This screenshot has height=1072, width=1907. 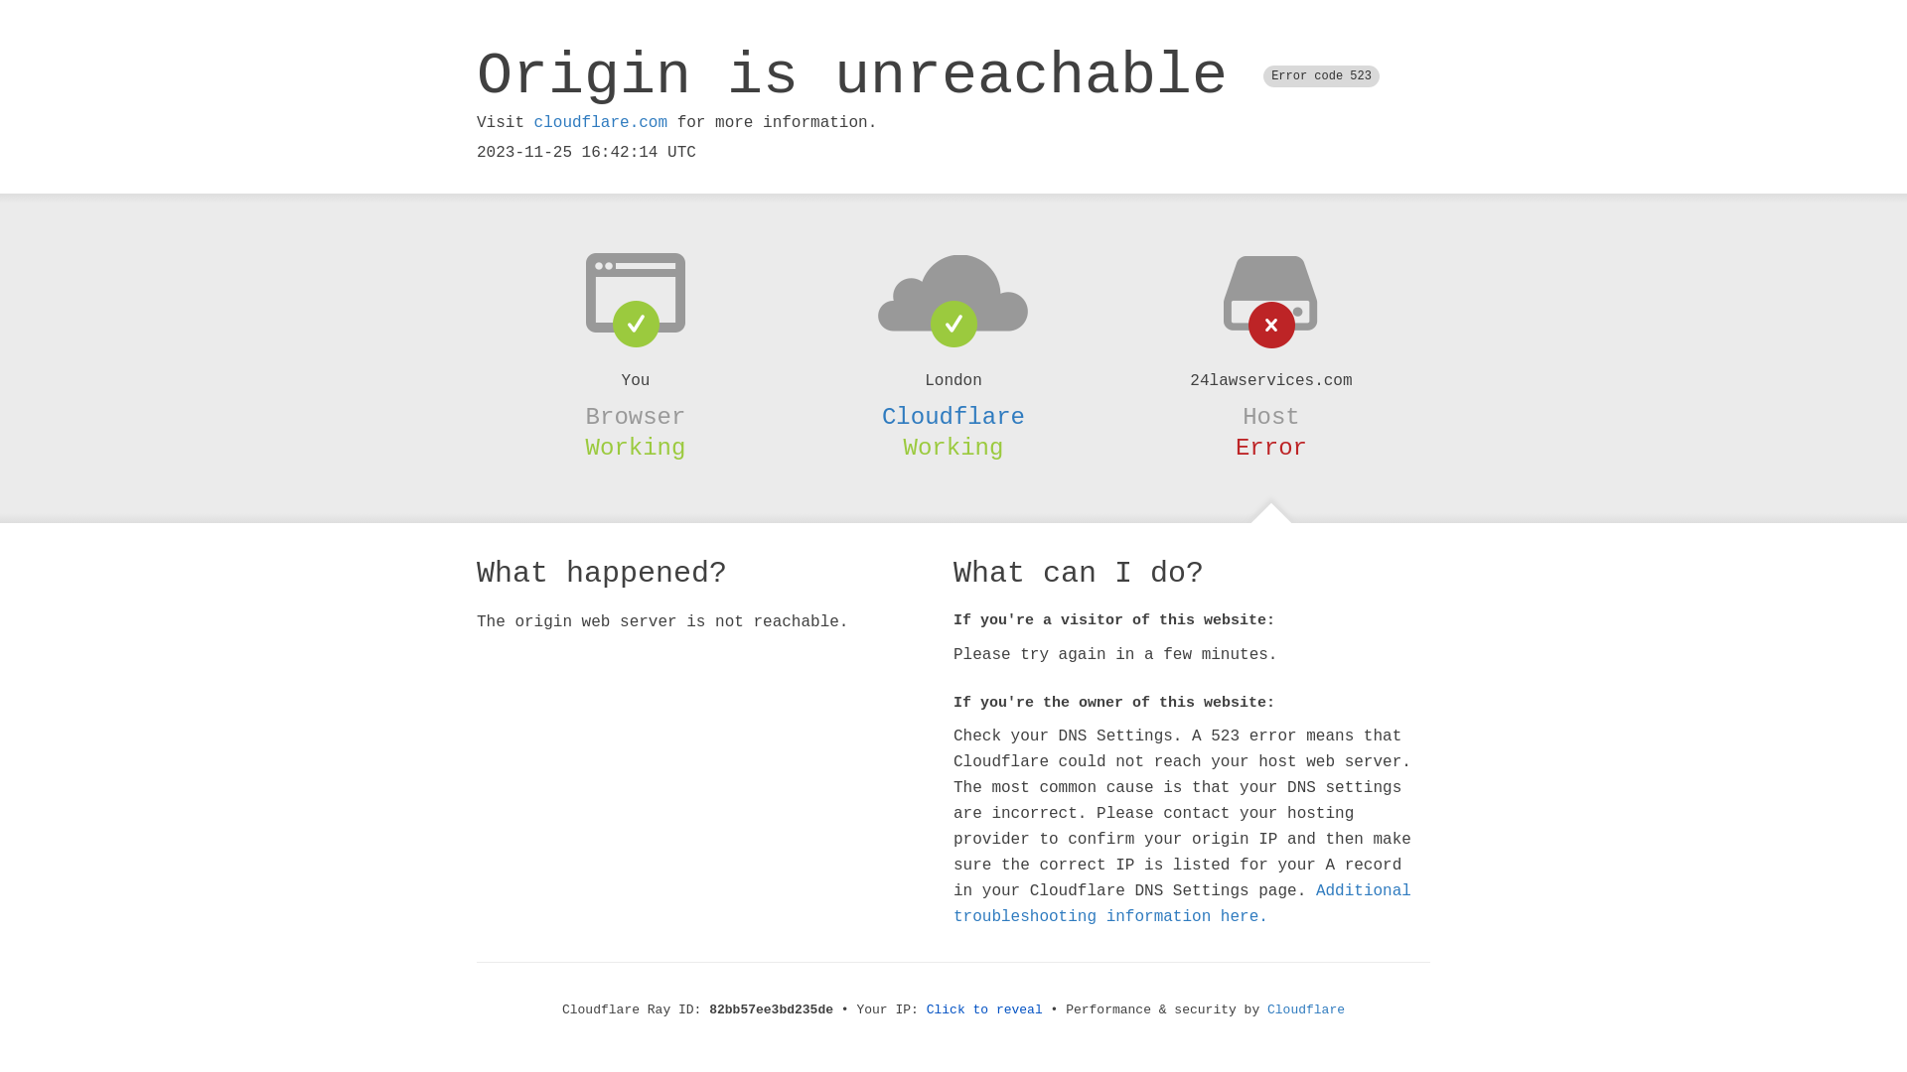 What do you see at coordinates (1266, 1009) in the screenshot?
I see `'Cloudflare'` at bounding box center [1266, 1009].